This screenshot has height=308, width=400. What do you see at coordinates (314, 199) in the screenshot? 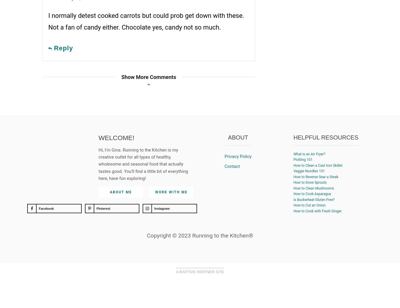
I see `'Is Buckwheat Gluten Free?'` at bounding box center [314, 199].